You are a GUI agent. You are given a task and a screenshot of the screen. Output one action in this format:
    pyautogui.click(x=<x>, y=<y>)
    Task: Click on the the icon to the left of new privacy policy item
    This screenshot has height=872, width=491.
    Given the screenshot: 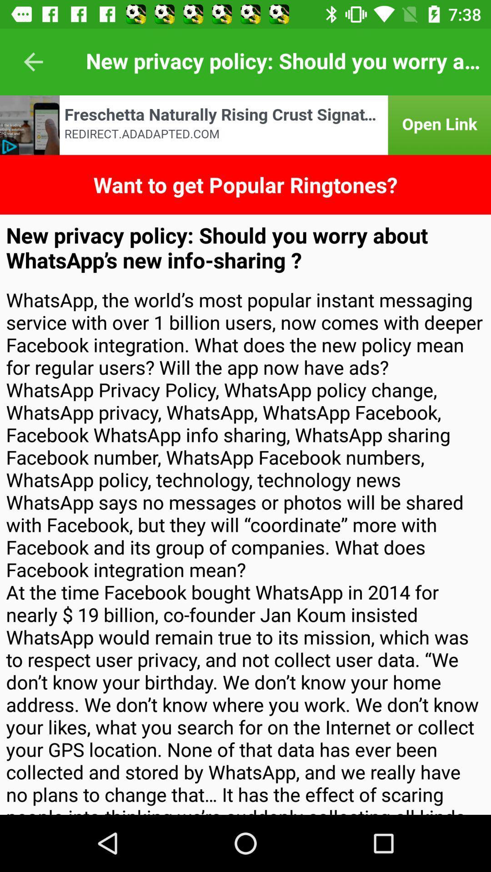 What is the action you would take?
    pyautogui.click(x=33, y=61)
    